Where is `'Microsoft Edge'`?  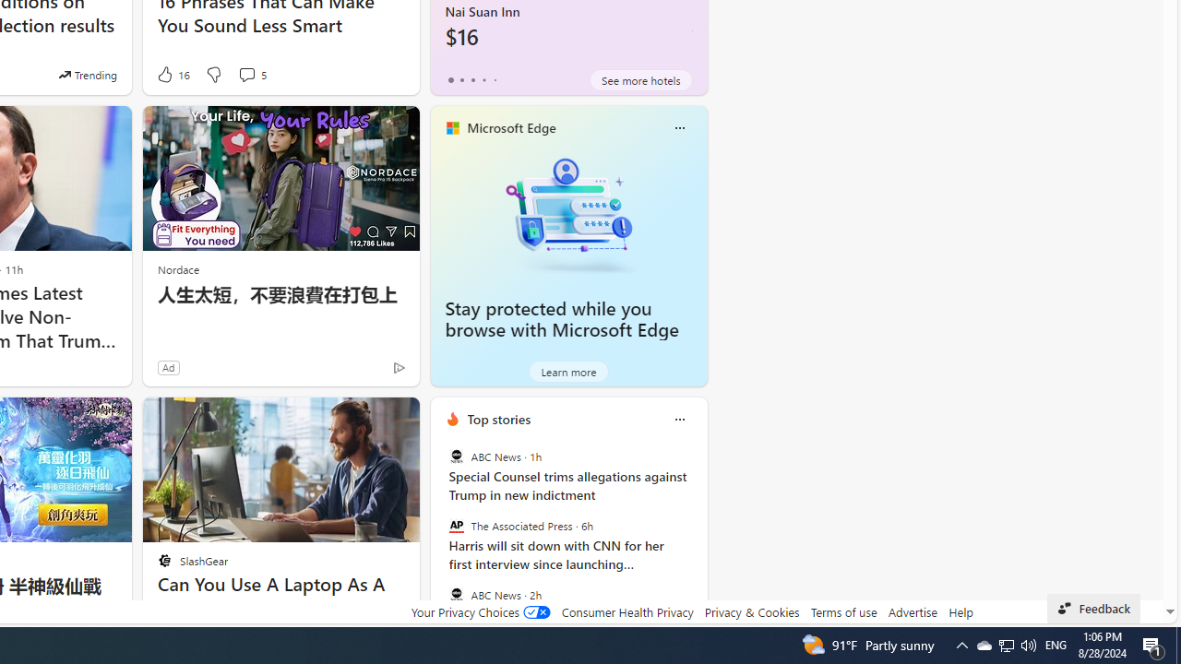 'Microsoft Edge' is located at coordinates (511, 127).